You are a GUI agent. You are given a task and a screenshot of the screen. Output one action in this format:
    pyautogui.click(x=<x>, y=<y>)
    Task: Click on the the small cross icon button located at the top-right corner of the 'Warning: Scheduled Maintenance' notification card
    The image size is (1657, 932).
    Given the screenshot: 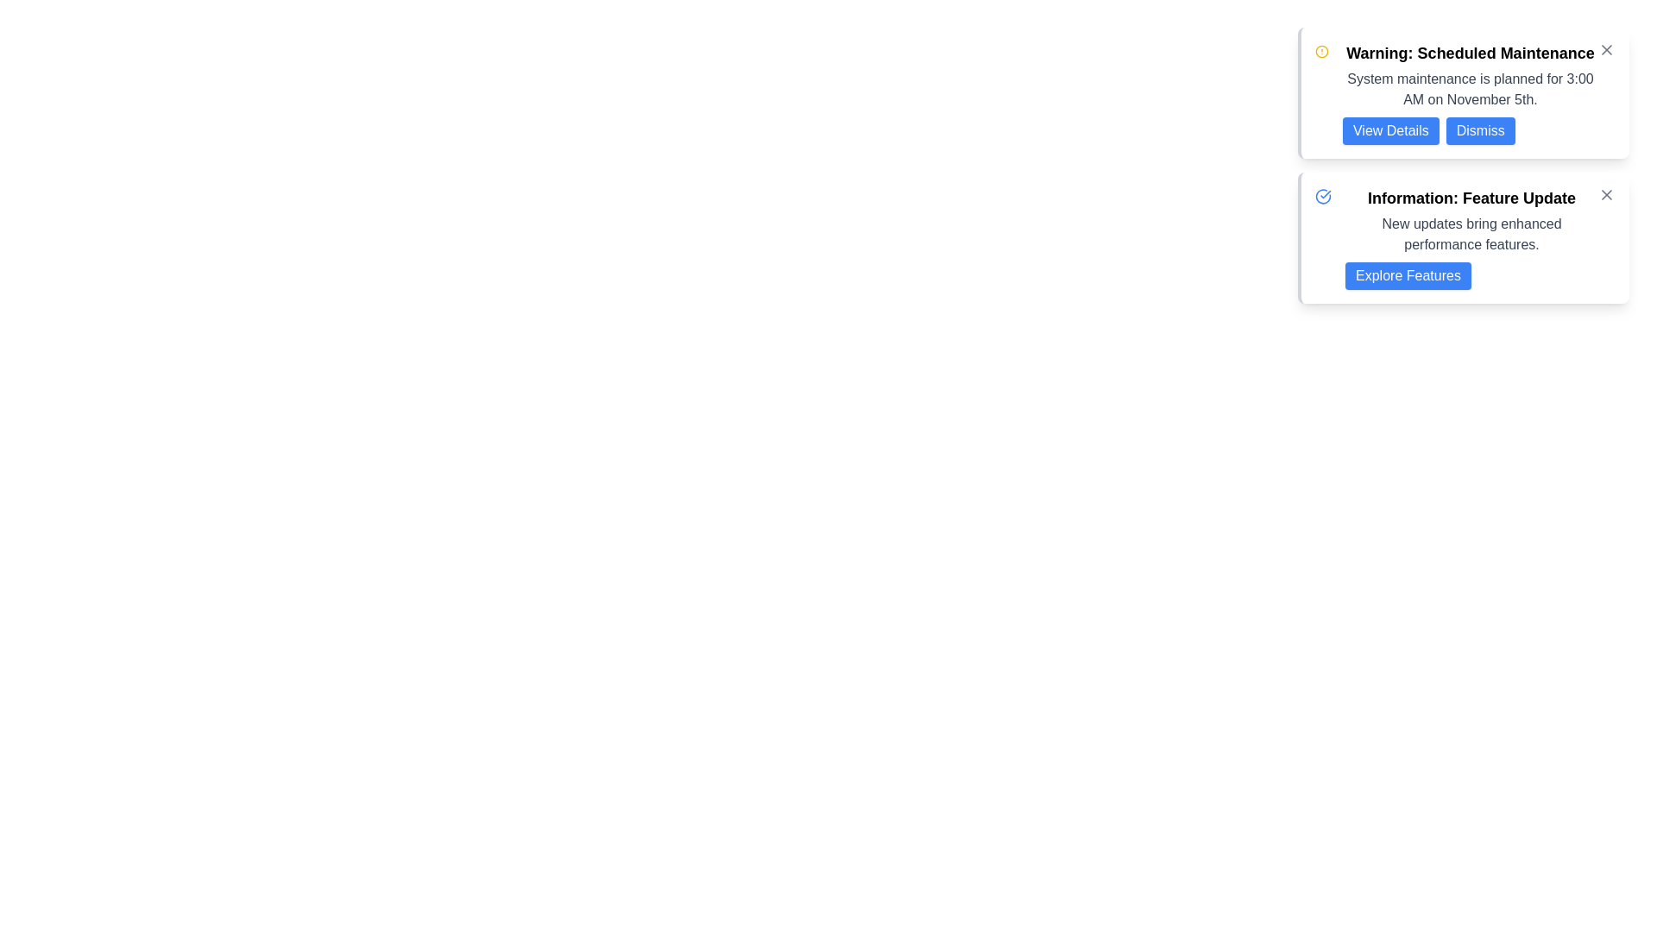 What is the action you would take?
    pyautogui.click(x=1606, y=48)
    